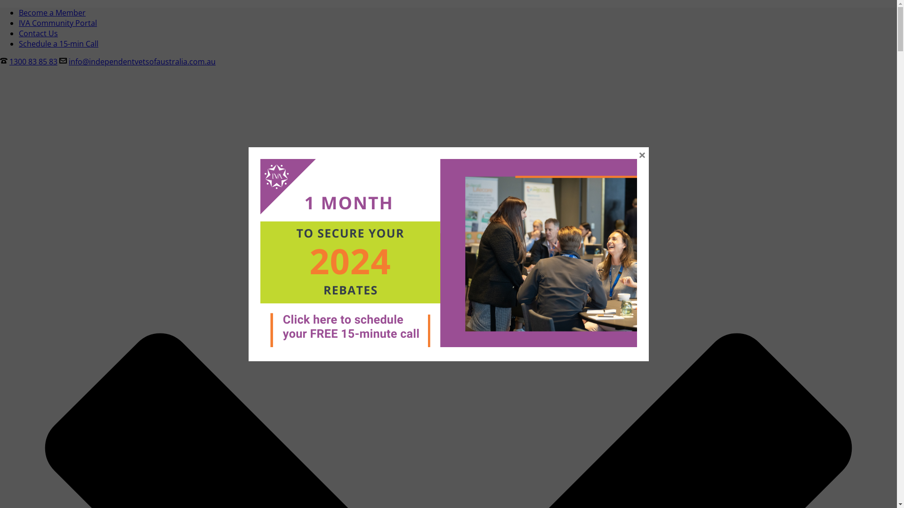 The image size is (904, 508). What do you see at coordinates (51, 13) in the screenshot?
I see `'Become a Member'` at bounding box center [51, 13].